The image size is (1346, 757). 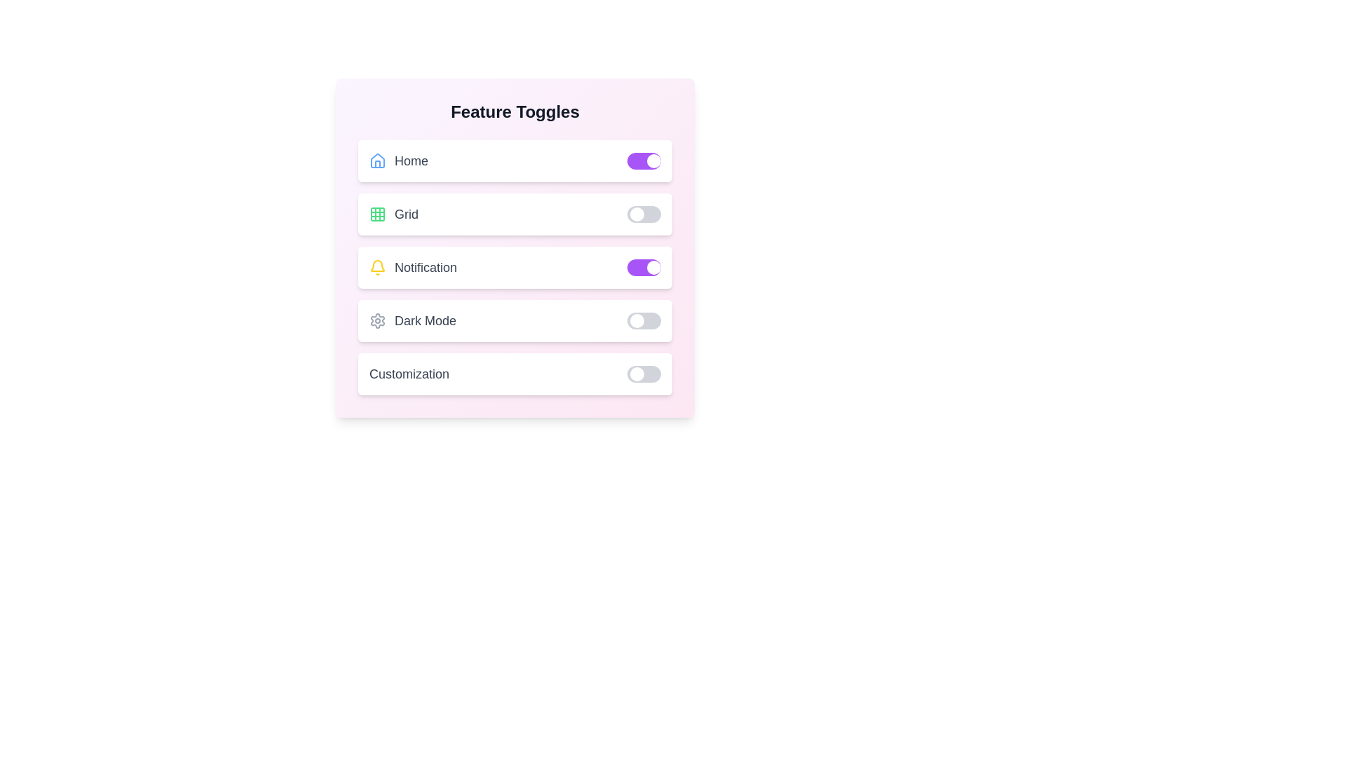 What do you see at coordinates (636, 214) in the screenshot?
I see `the toggle switch knob, which is a small circular UI component with a white fill located on the left side of the toggle track adjacent to the 'Grid' label in its 'off' position` at bounding box center [636, 214].